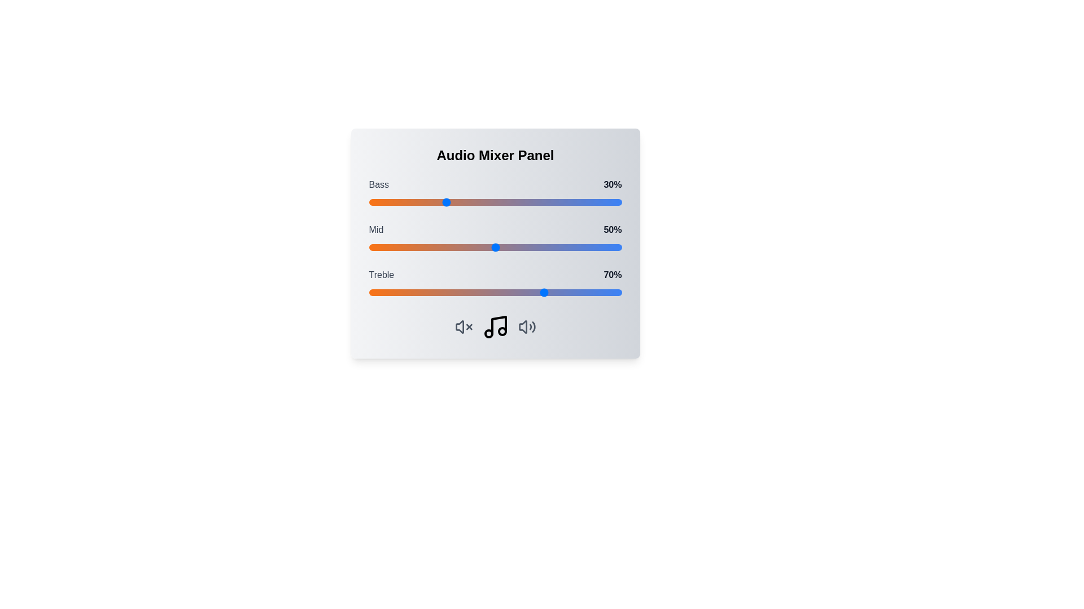 The height and width of the screenshot is (609, 1084). What do you see at coordinates (526, 326) in the screenshot?
I see `the volume icon to interact with the corresponding volume control` at bounding box center [526, 326].